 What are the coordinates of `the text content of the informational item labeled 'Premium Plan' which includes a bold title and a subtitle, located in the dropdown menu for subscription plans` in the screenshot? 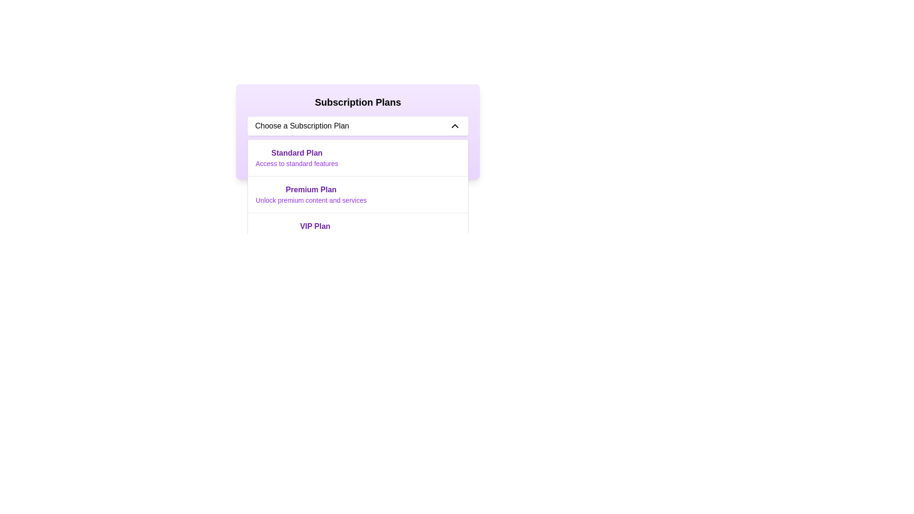 It's located at (311, 194).